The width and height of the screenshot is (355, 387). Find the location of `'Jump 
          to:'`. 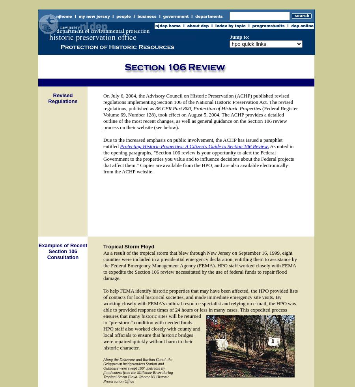

'Jump 
          to:' is located at coordinates (239, 37).